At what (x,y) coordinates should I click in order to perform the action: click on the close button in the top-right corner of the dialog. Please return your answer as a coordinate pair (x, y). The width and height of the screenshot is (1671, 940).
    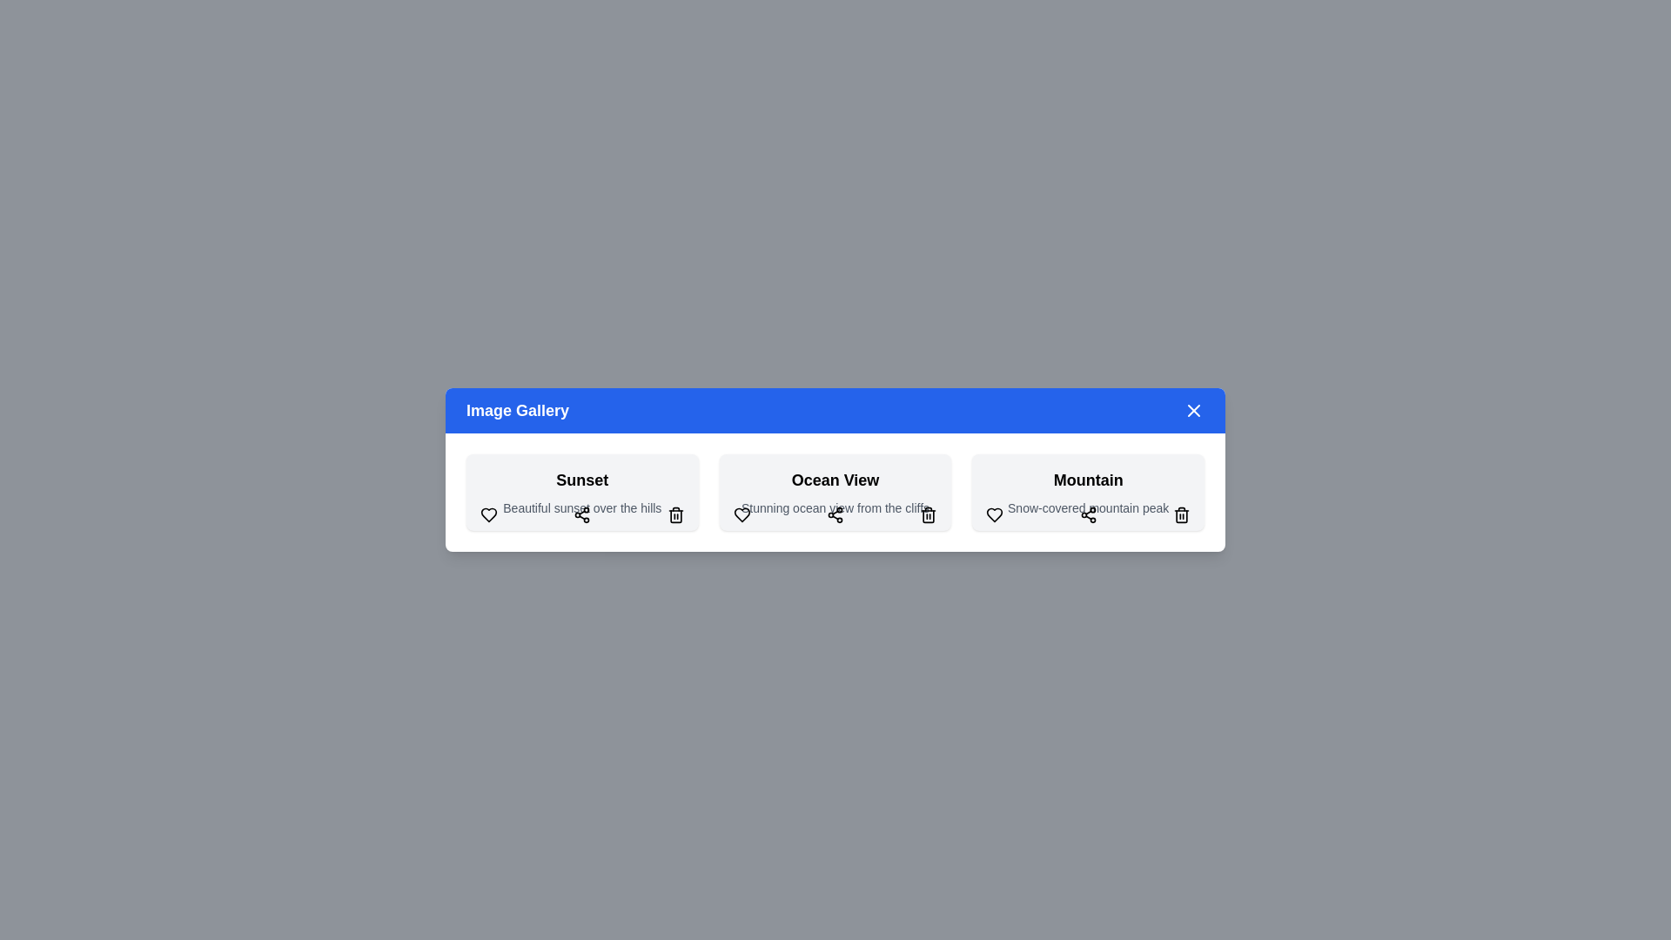
    Looking at the image, I should click on (1193, 410).